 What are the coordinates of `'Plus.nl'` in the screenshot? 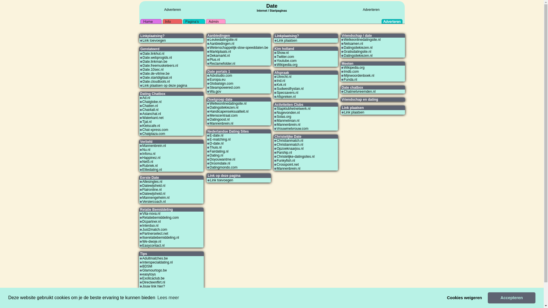 It's located at (214, 59).